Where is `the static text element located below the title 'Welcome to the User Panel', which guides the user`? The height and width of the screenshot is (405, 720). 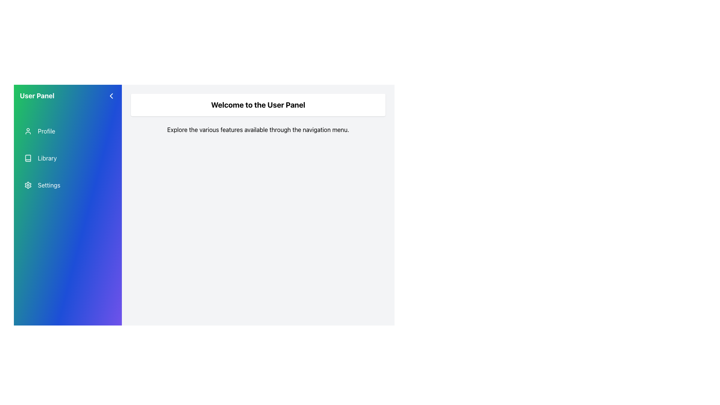 the static text element located below the title 'Welcome to the User Panel', which guides the user is located at coordinates (258, 129).